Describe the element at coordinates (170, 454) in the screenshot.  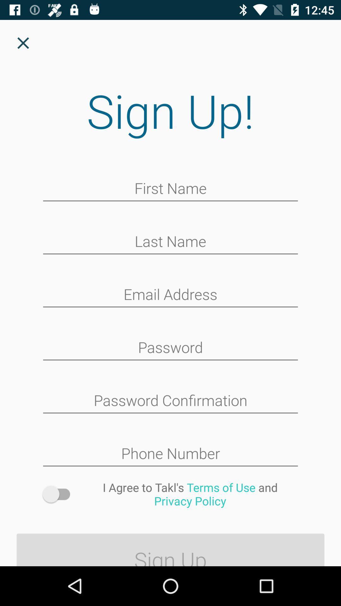
I see `your phone number` at that location.